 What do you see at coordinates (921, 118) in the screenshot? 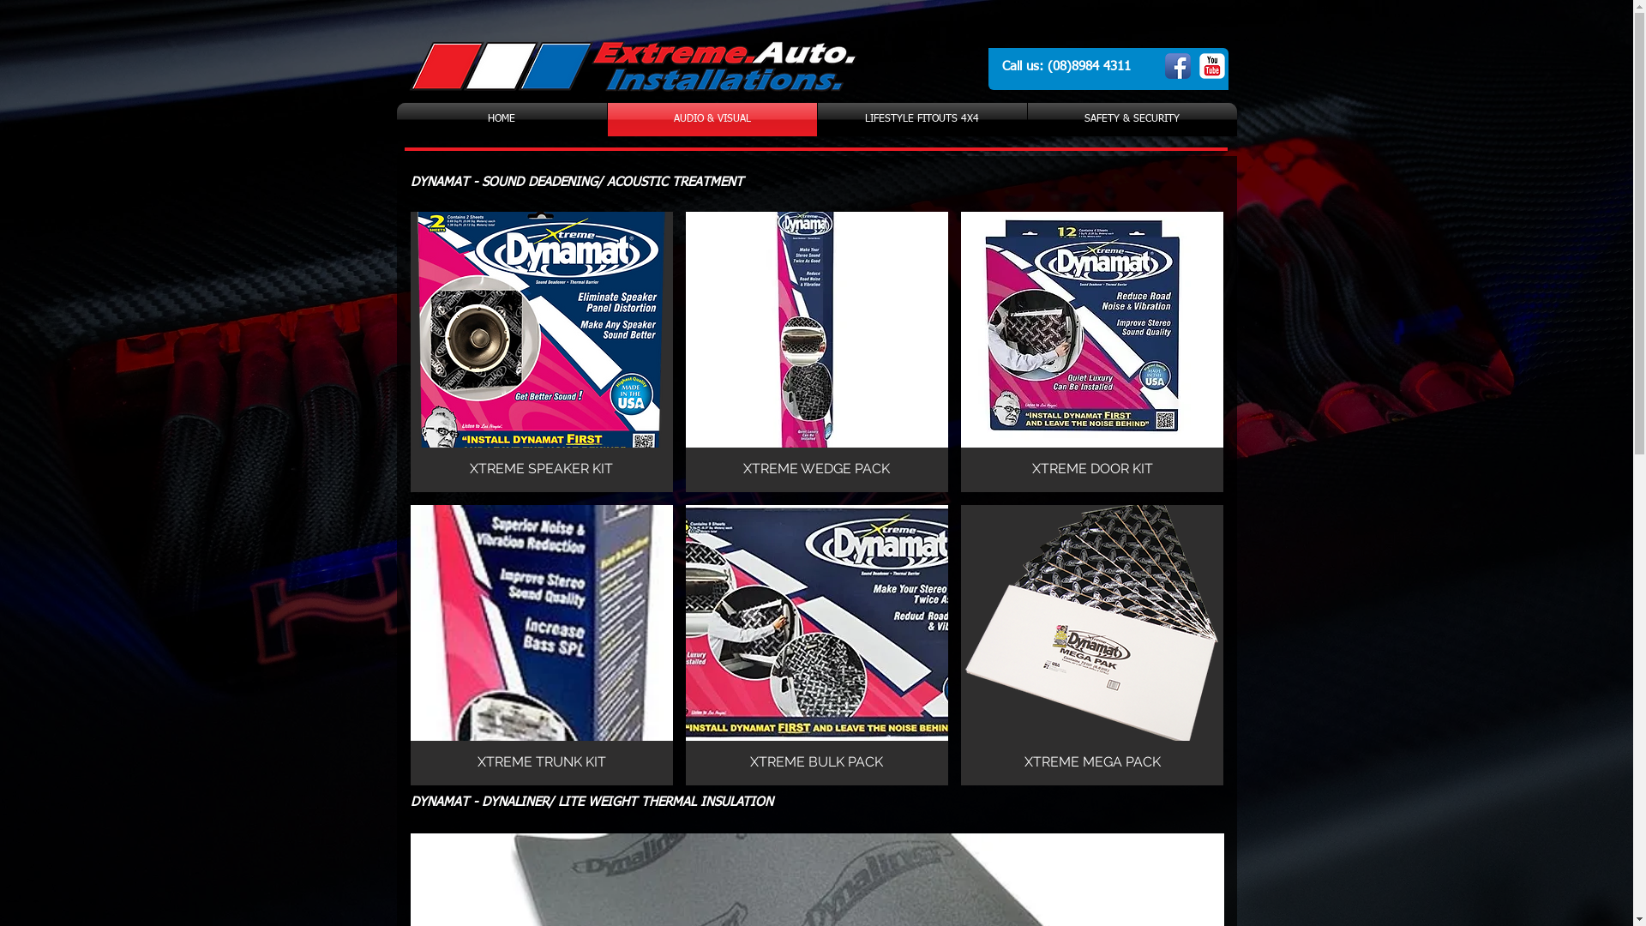
I see `'LIFESTYLE FITOUTS 4X4'` at bounding box center [921, 118].